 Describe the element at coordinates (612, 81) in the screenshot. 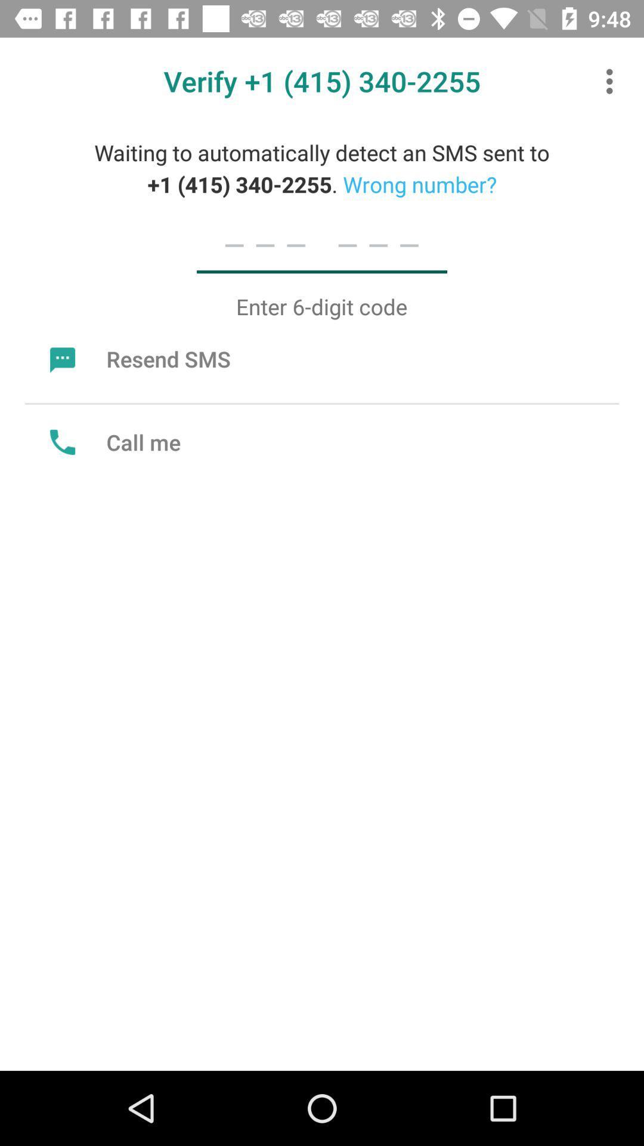

I see `icon to the right of the verify 1 415 icon` at that location.